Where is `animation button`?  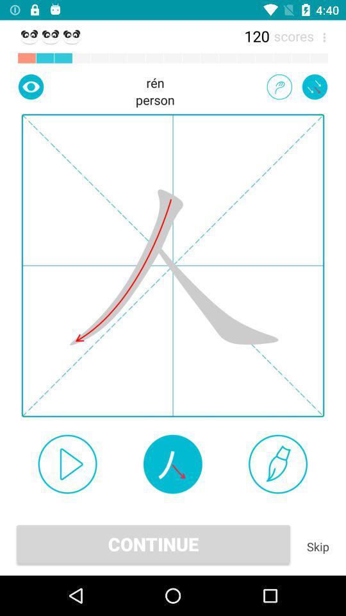 animation button is located at coordinates (279, 86).